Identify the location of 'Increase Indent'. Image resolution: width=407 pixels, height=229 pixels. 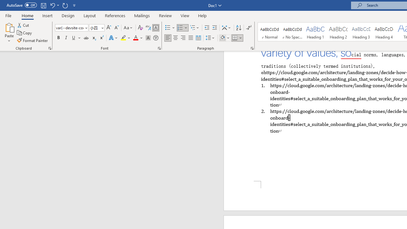
(215, 27).